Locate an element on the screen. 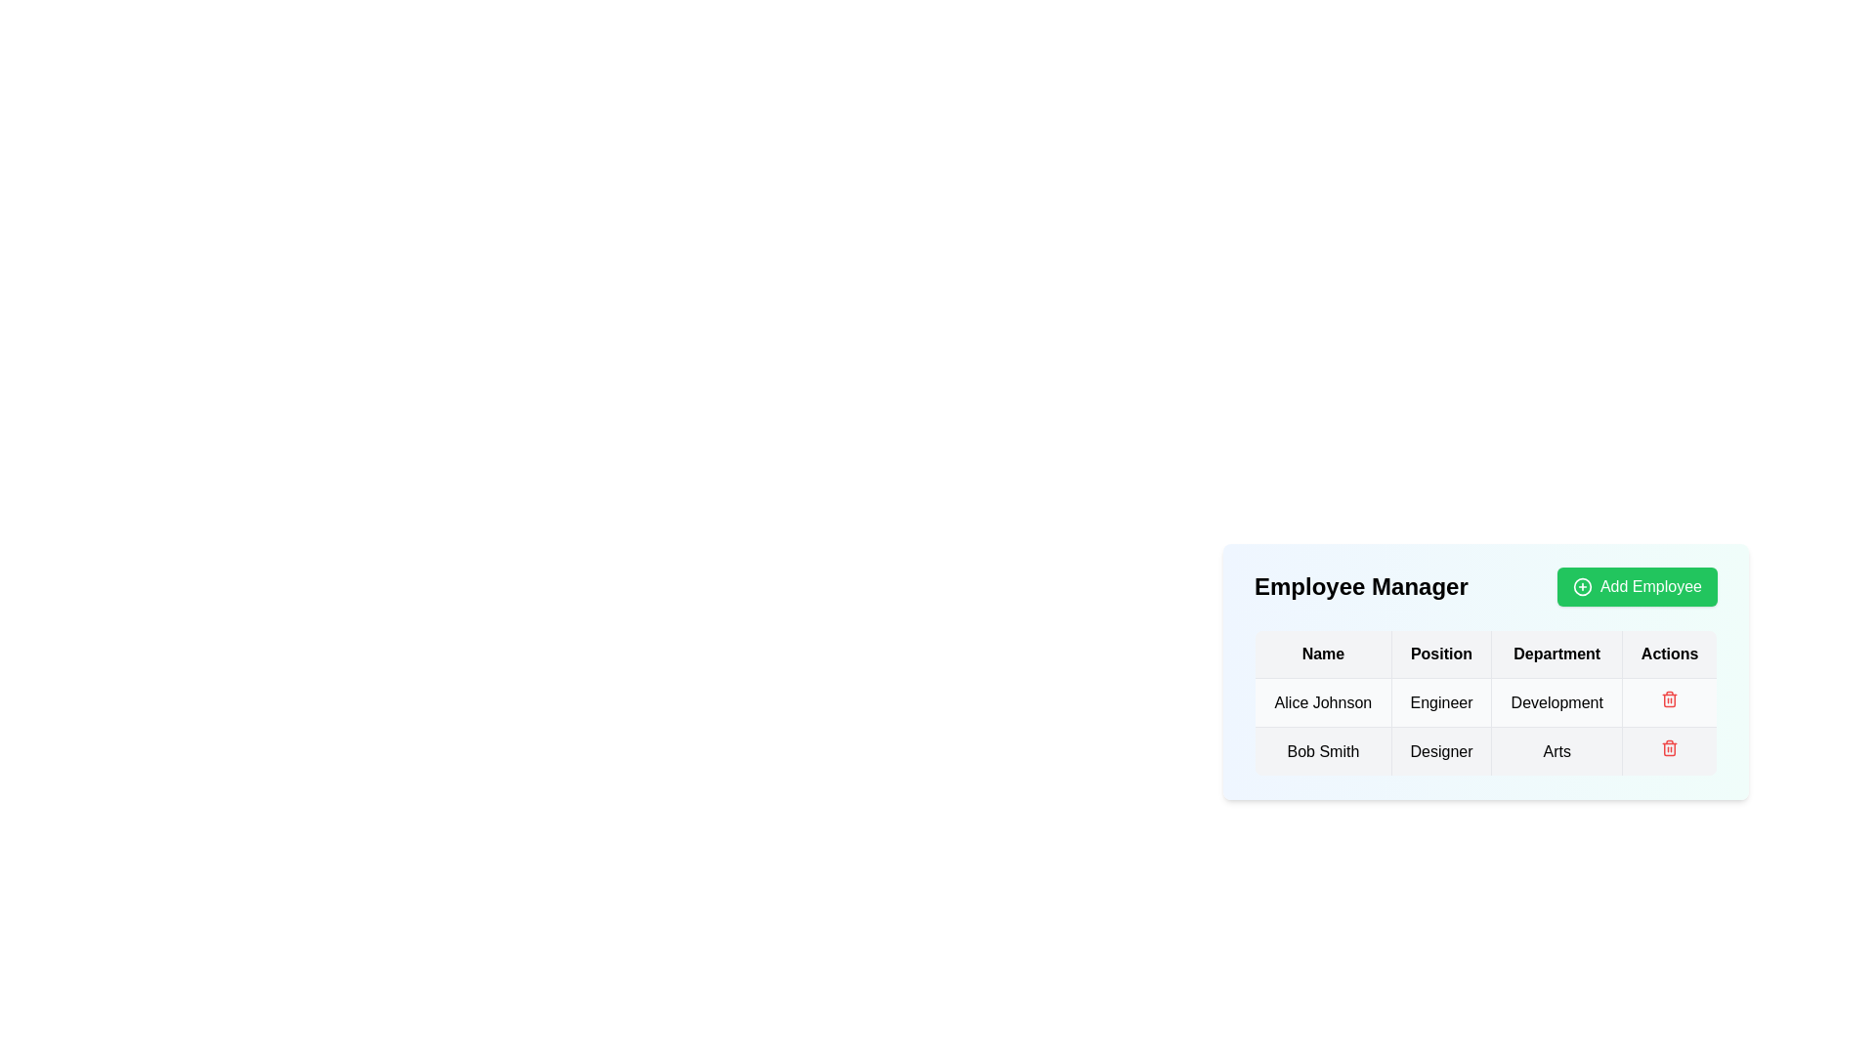 This screenshot has width=1876, height=1055. the red trash icon button in the 'Actions' column of the second row under 'Employee Manager' to trigger its hover effect and change its color to a darker red is located at coordinates (1669, 698).